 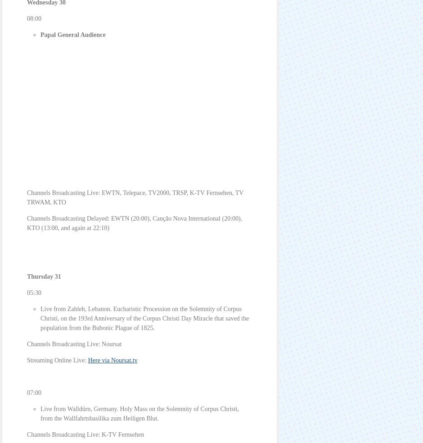 What do you see at coordinates (33, 293) in the screenshot?
I see `'05:30'` at bounding box center [33, 293].